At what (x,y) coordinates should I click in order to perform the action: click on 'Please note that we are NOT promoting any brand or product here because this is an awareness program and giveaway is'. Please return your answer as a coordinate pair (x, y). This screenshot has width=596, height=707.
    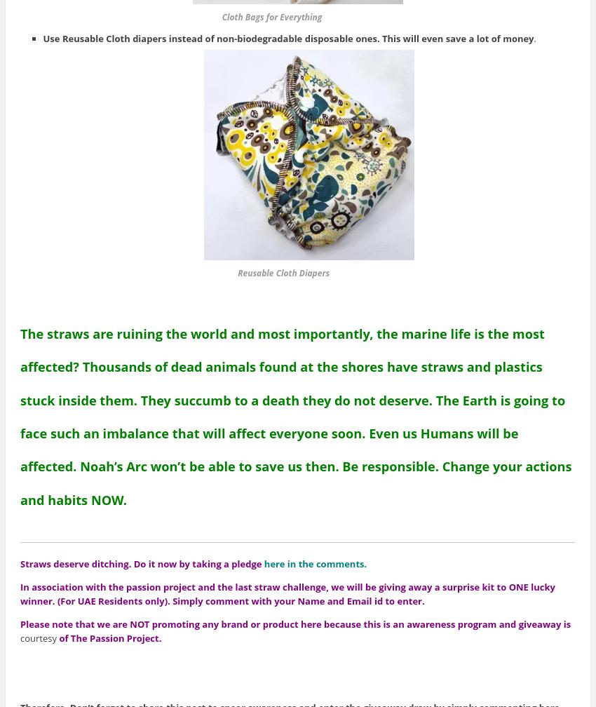
    Looking at the image, I should click on (295, 624).